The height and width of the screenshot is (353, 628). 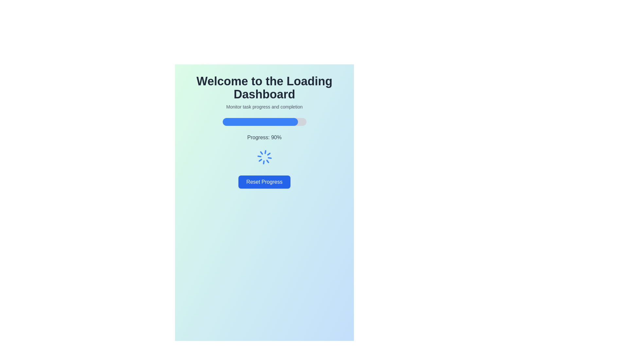 I want to click on progress text from the progress indicator displaying 'Progress: 90%' located below the heading 'Monitor task progress and completion' and above the 'Reset Progress' button, so click(x=264, y=141).